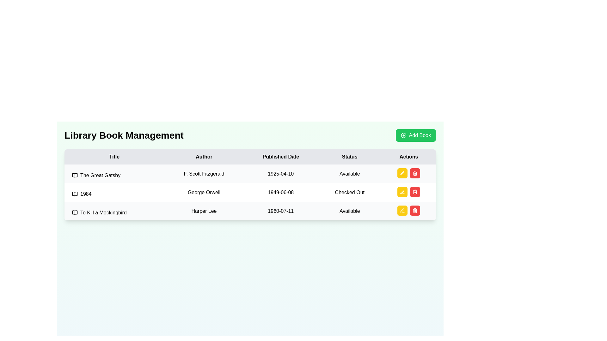  Describe the element at coordinates (415, 211) in the screenshot. I see `the Trash Bin icon located in the 'Actions' column of the third row in the table` at that location.